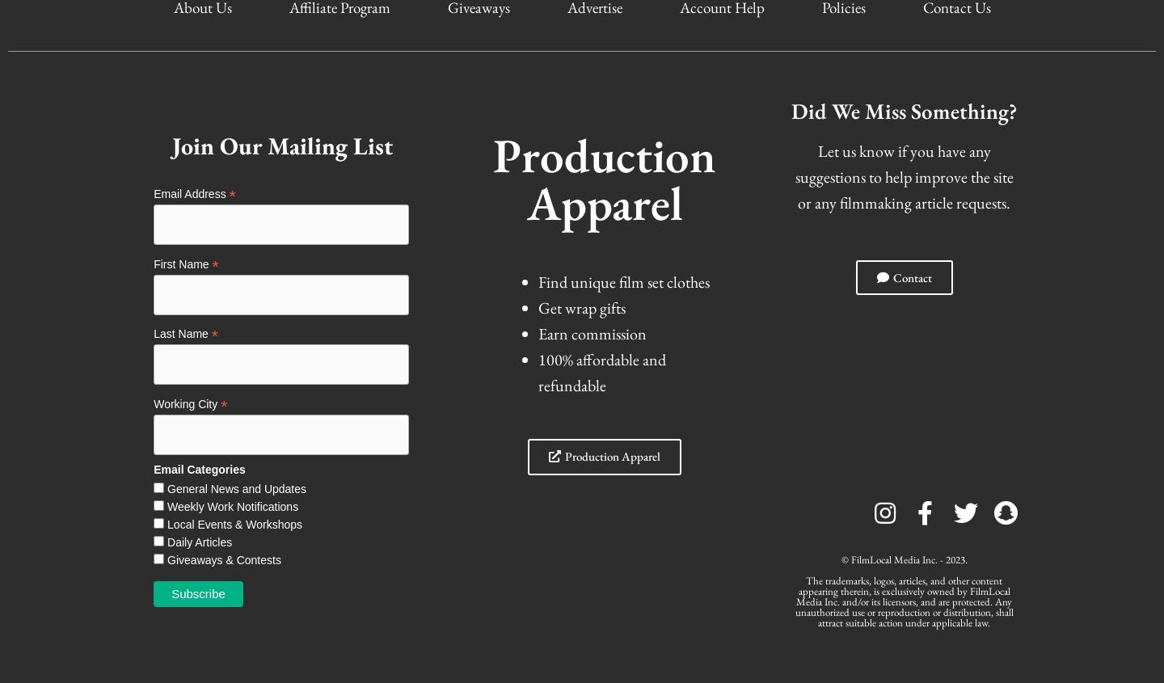  Describe the element at coordinates (903, 601) in the screenshot. I see `'The trademarks, logos, articles, and other content appearing therein, is exclusively owned by FilmLocal Media Inc. and/or its licensors, and are protected. Any unauthorized use or reproduction or distribution, shall attract suitable action under applicable law.'` at that location.